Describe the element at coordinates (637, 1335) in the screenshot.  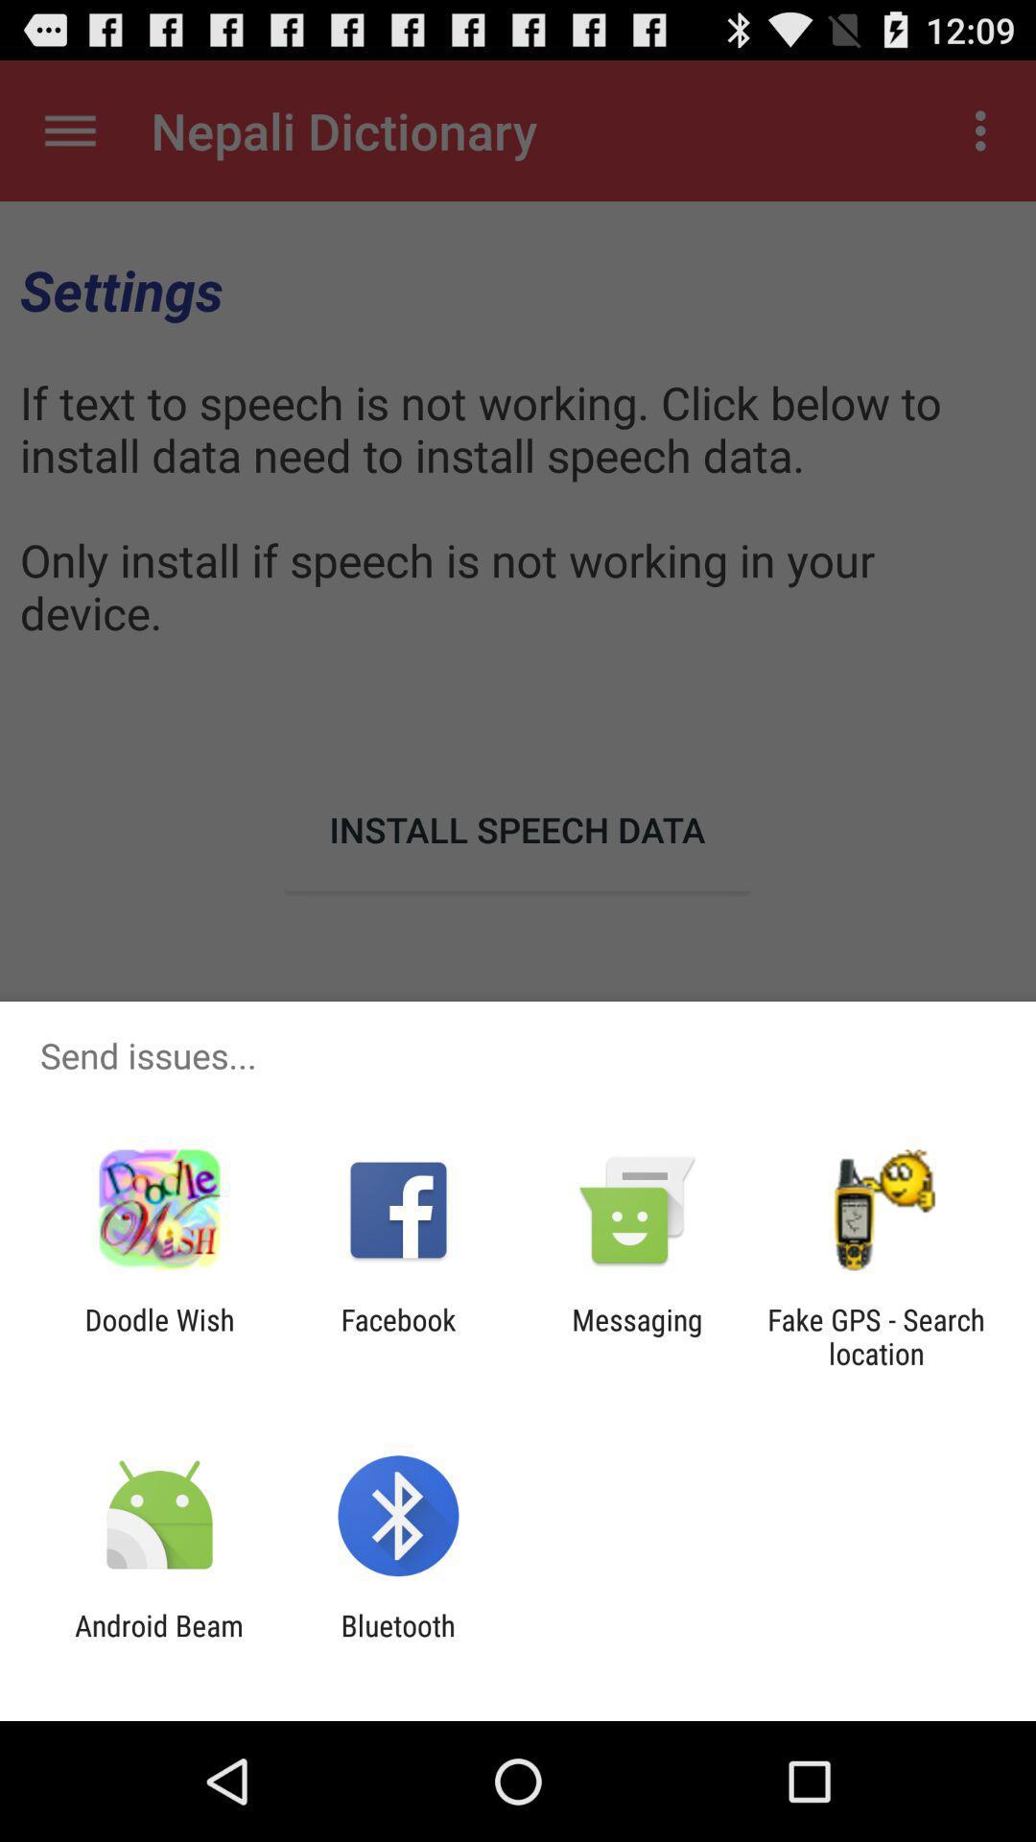
I see `the app to the right of the facebook item` at that location.